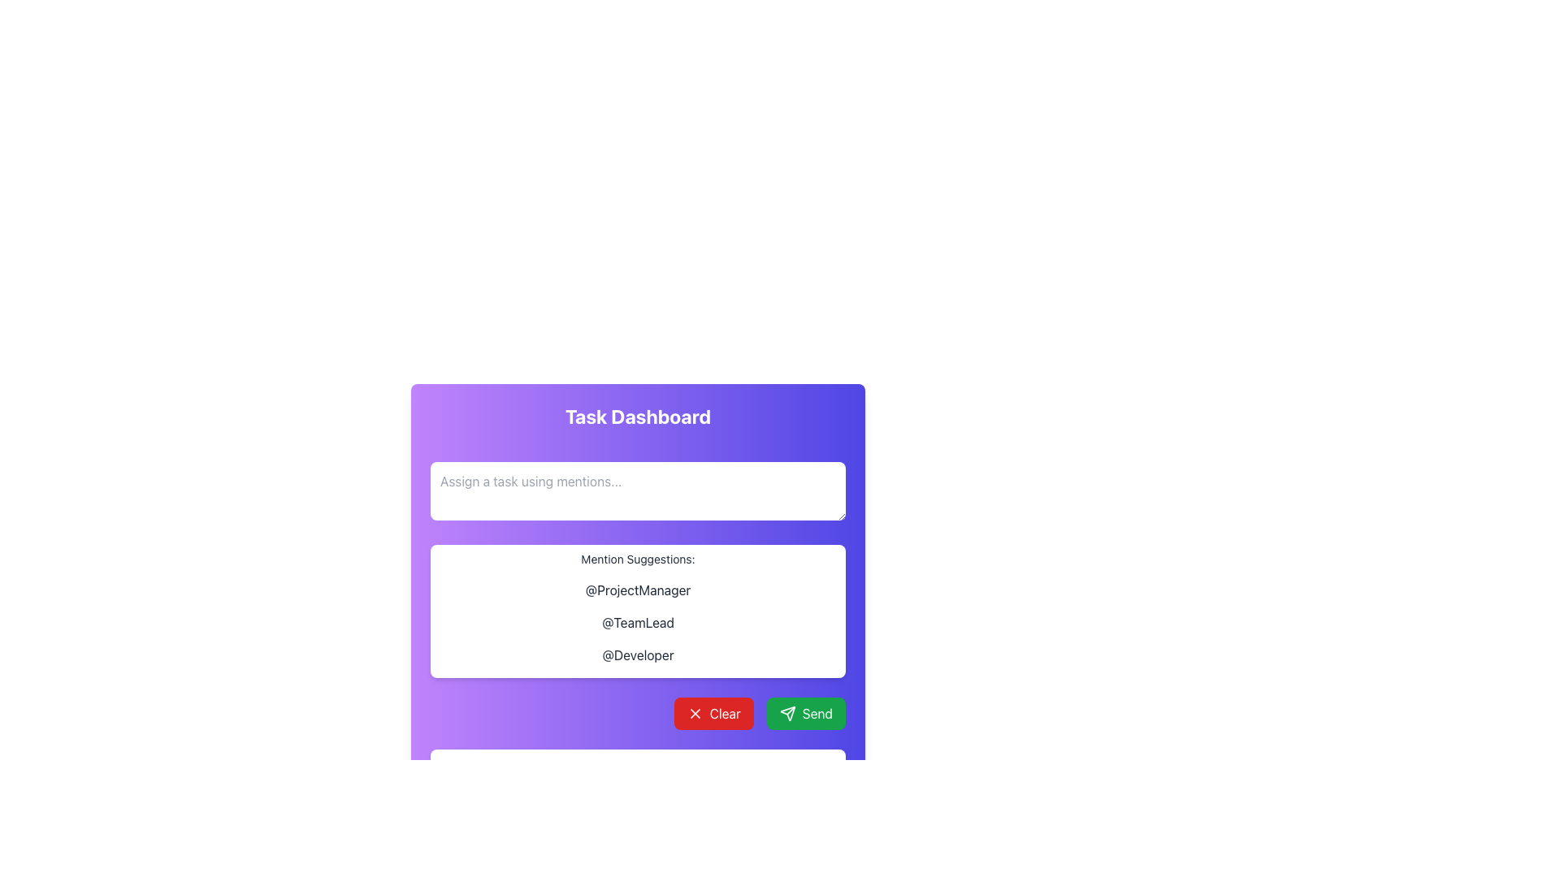 The width and height of the screenshot is (1560, 877). I want to click on the selectable mention option labeled '@TeamLead' in the 'Mention Suggestions' dropdown panel, so click(637, 622).